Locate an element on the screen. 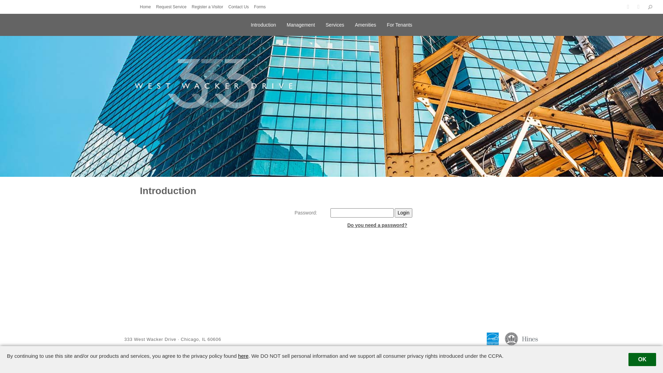  'Suggestion Box' is located at coordinates (556, 354).